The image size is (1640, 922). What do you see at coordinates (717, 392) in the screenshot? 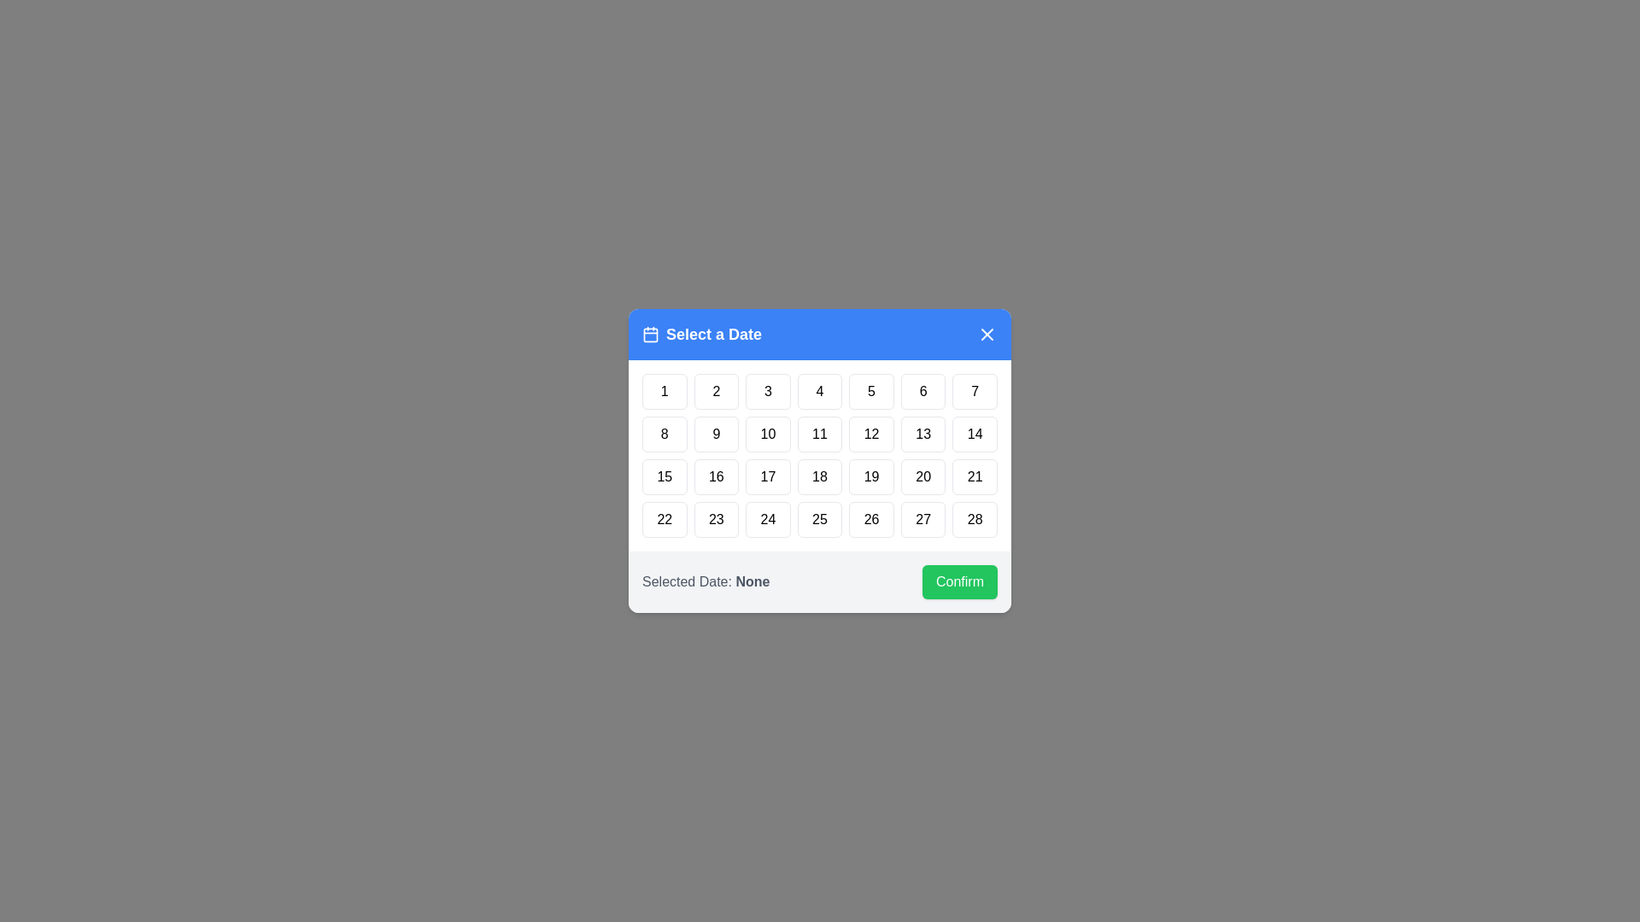
I see `the day button labeled 2 to highlight it` at bounding box center [717, 392].